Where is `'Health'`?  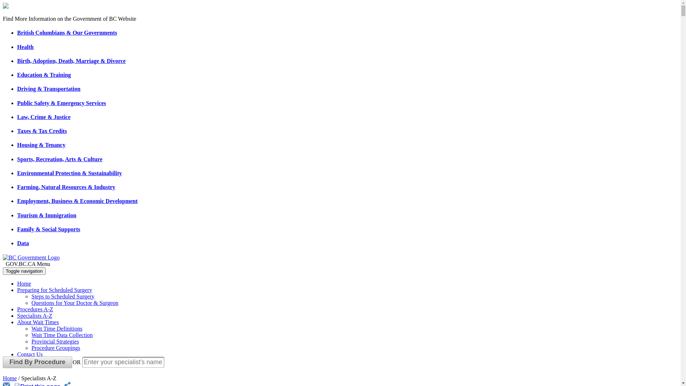 'Health' is located at coordinates (25, 47).